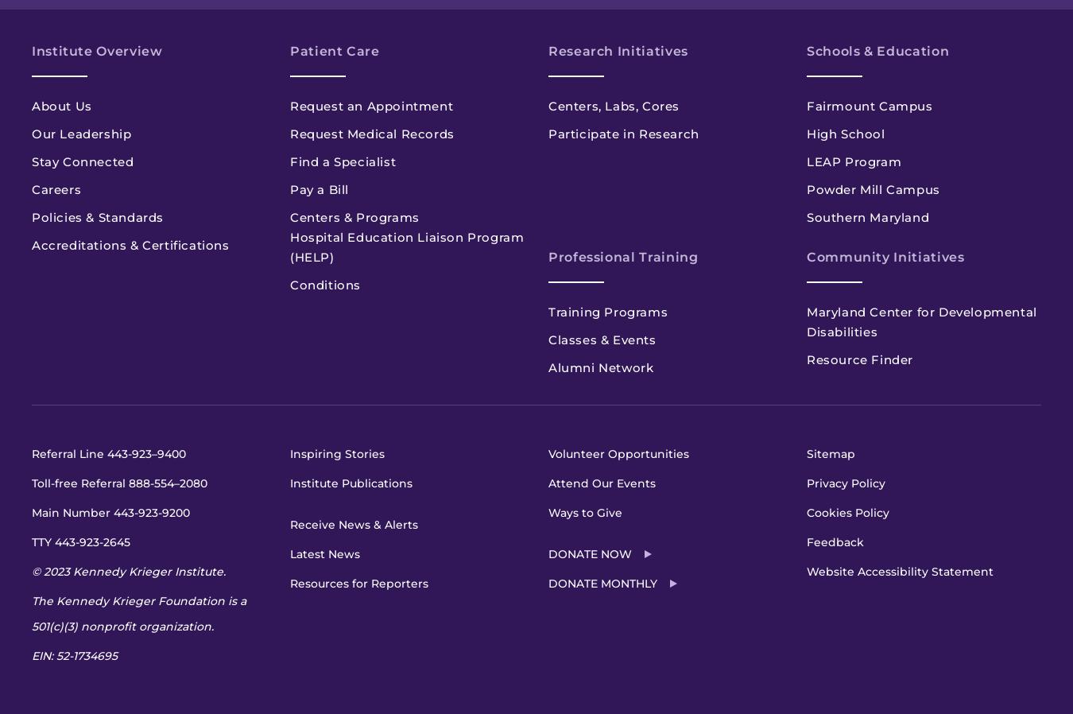  What do you see at coordinates (146, 453) in the screenshot?
I see `'443-923–9400'` at bounding box center [146, 453].